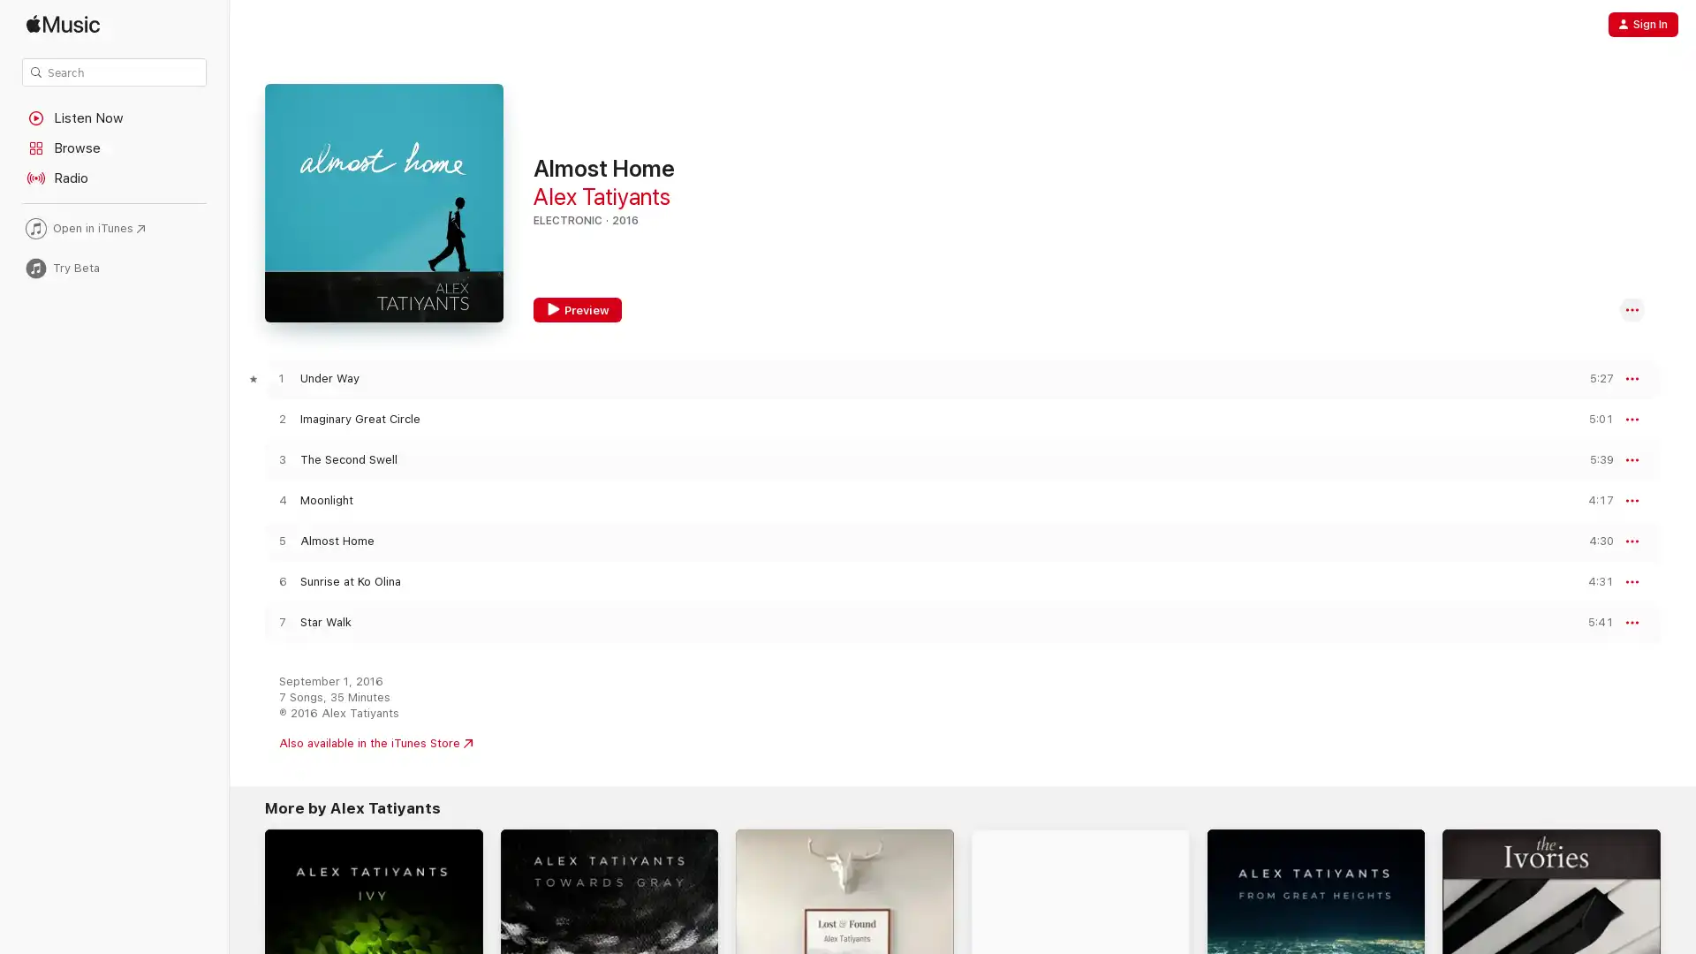 The width and height of the screenshot is (1696, 954). Describe the element at coordinates (1642, 24) in the screenshot. I see `Sign In` at that location.